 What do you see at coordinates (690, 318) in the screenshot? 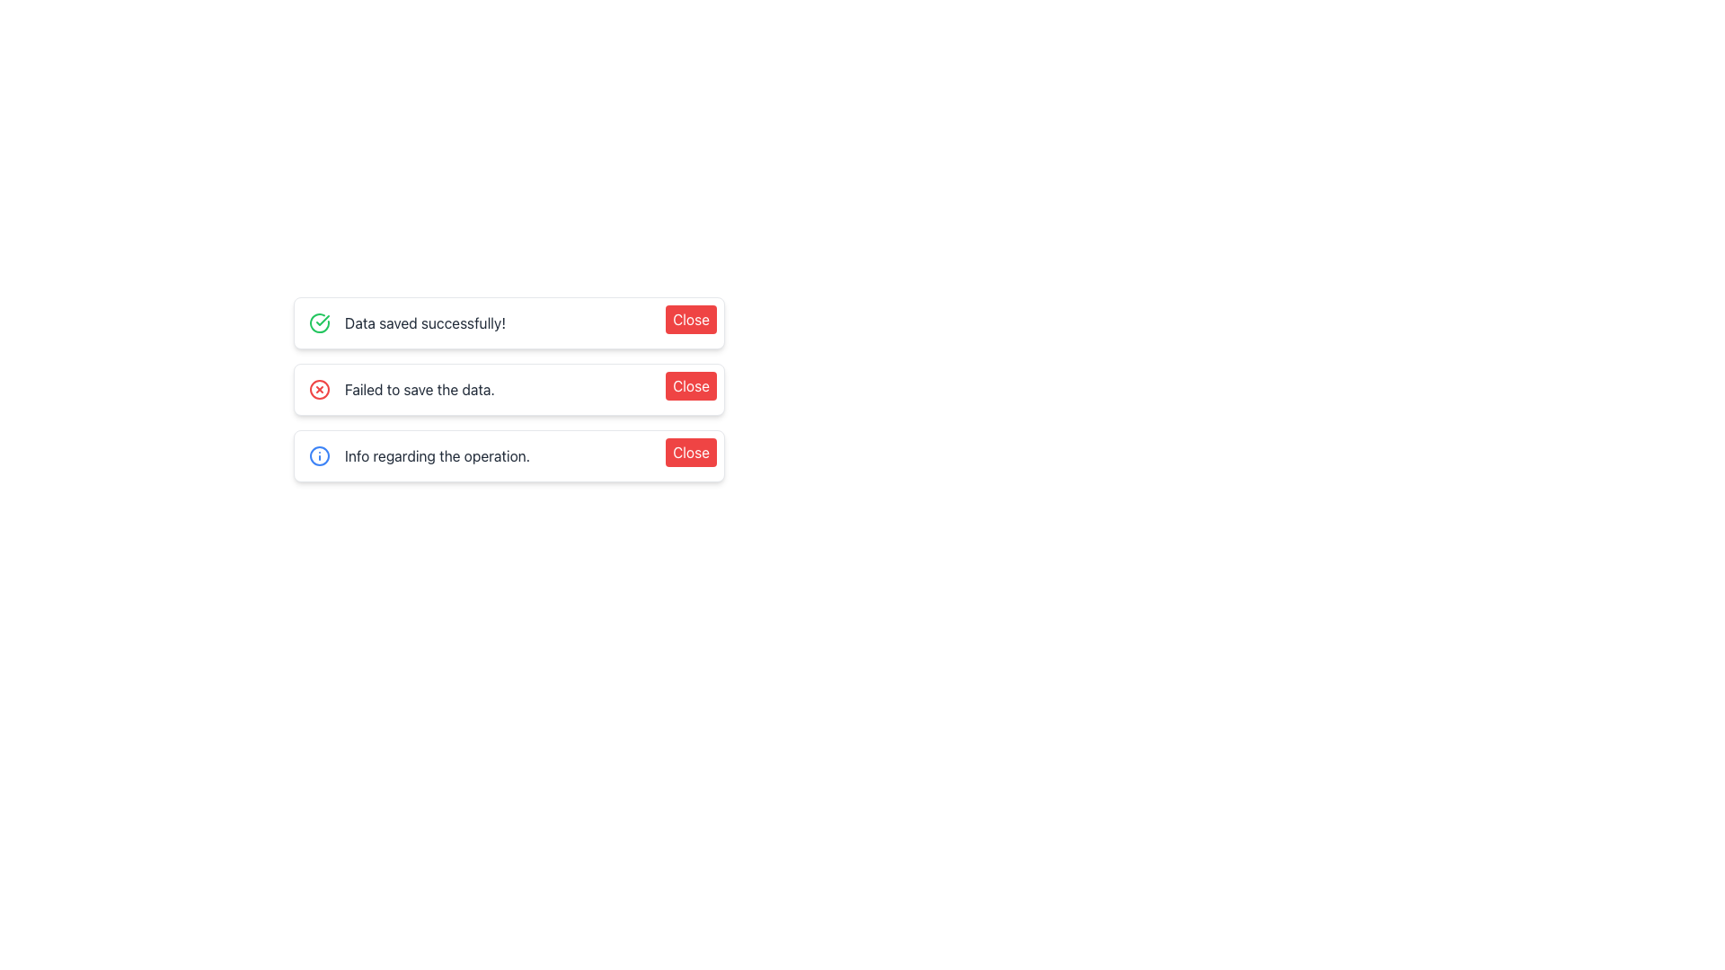
I see `the close button in the top-right corner of the notification card that displays 'Data saved successfully!'` at bounding box center [690, 318].